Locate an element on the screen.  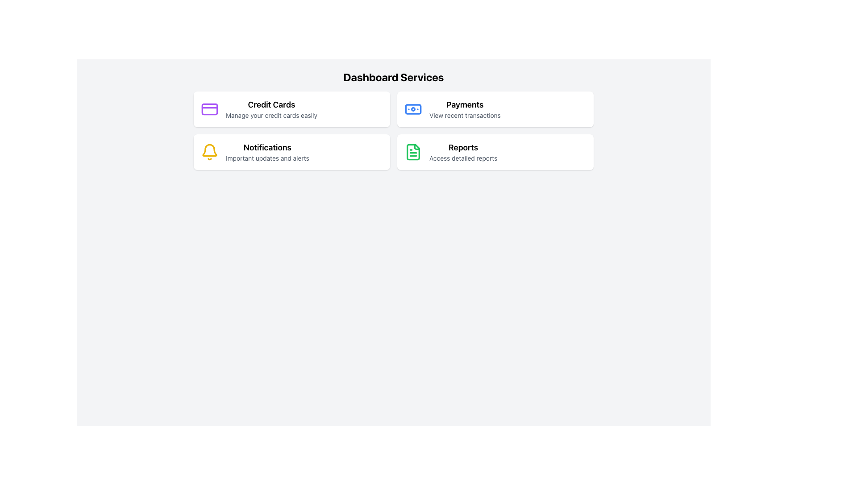
the text label displaying 'Important updates and alerts', which is located below the title 'Notifications' in the dashboard interface is located at coordinates (267, 158).